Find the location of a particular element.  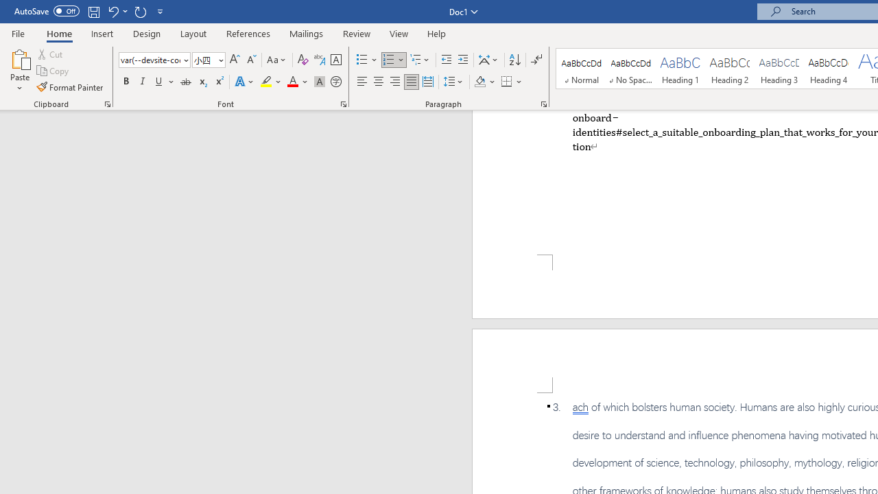

'Align Left' is located at coordinates (362, 82).